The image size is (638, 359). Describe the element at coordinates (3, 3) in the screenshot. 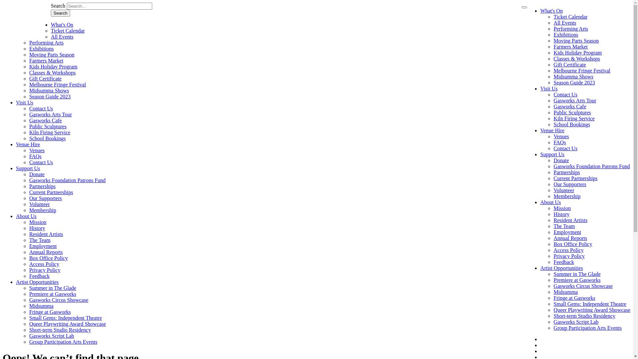

I see `'Skip to main content'` at that location.